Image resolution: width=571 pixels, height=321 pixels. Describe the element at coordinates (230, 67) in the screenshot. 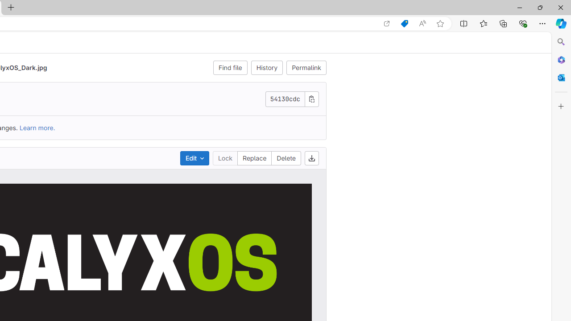

I see `'Find file'` at that location.